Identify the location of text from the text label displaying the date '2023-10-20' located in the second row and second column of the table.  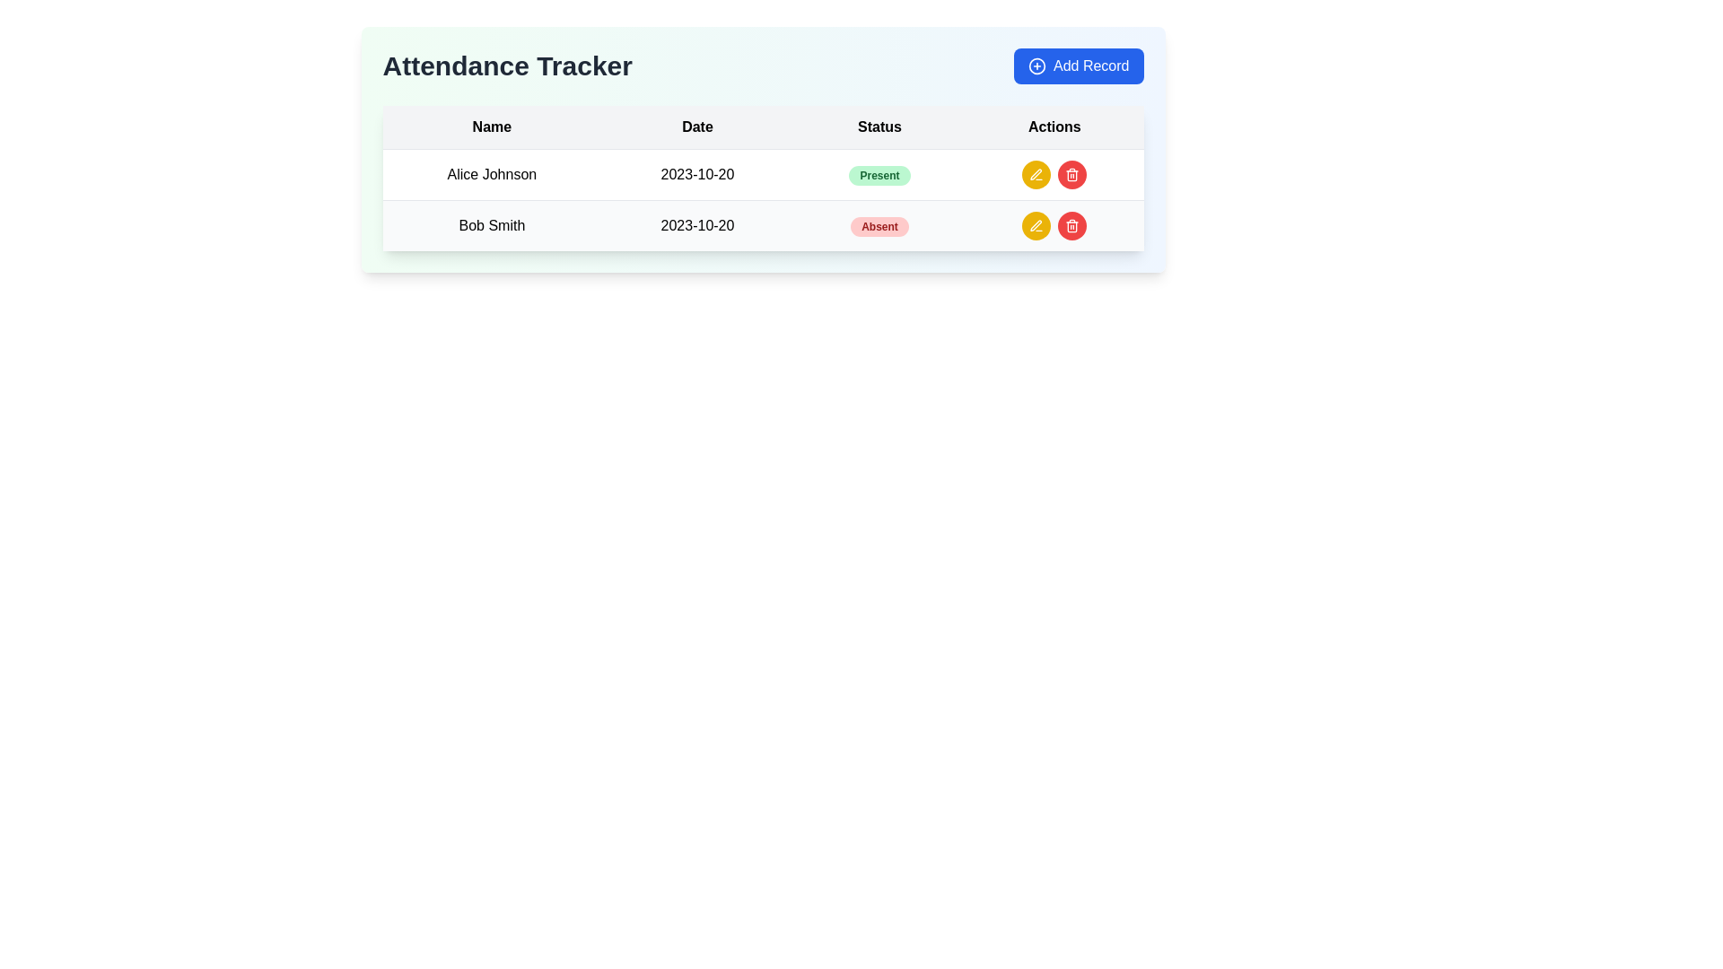
(696, 224).